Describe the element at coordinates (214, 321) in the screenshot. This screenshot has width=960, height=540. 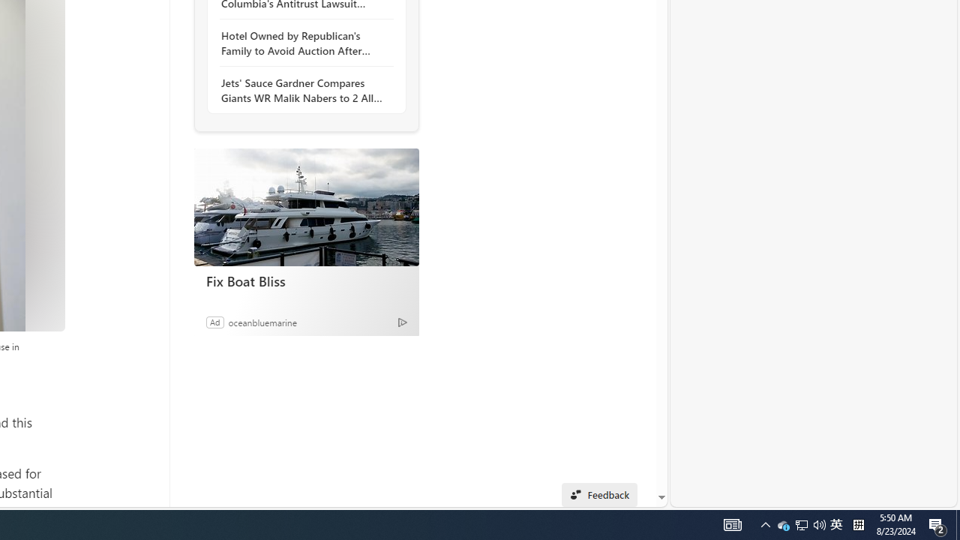
I see `'Ad'` at that location.